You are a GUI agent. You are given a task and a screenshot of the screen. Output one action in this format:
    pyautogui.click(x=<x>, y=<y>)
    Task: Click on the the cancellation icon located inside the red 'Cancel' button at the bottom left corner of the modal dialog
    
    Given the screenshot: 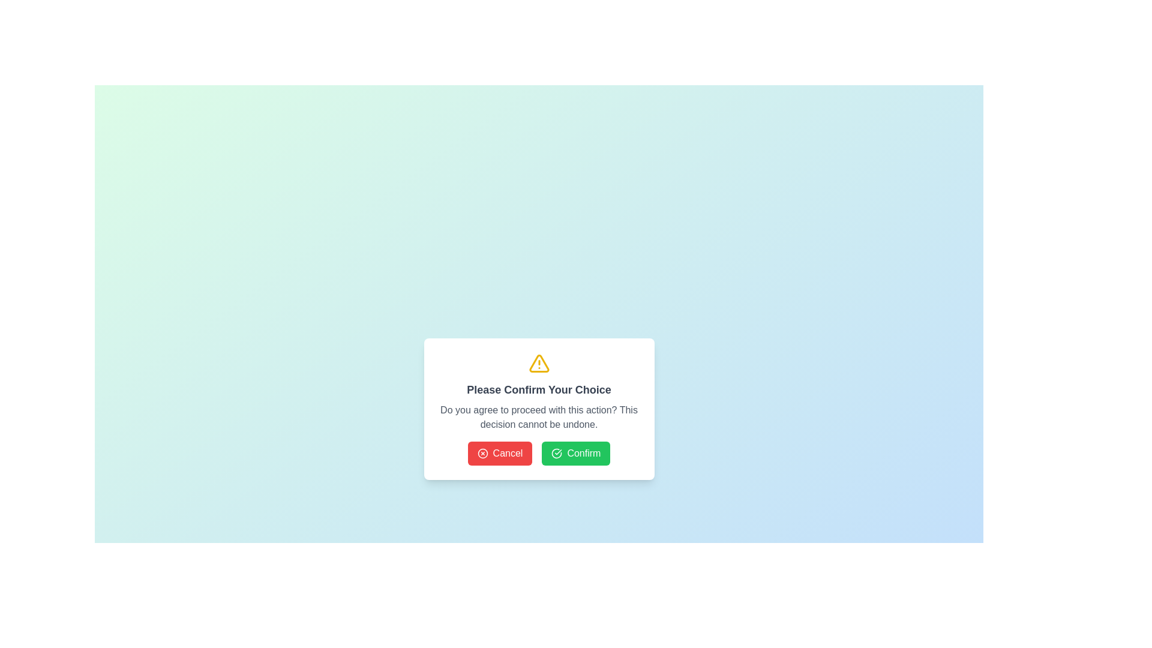 What is the action you would take?
    pyautogui.click(x=482, y=454)
    